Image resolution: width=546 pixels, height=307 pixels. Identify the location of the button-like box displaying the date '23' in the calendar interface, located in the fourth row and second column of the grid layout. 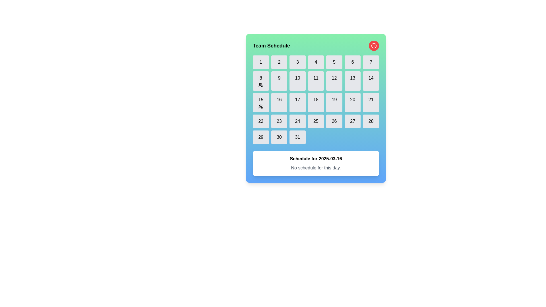
(279, 121).